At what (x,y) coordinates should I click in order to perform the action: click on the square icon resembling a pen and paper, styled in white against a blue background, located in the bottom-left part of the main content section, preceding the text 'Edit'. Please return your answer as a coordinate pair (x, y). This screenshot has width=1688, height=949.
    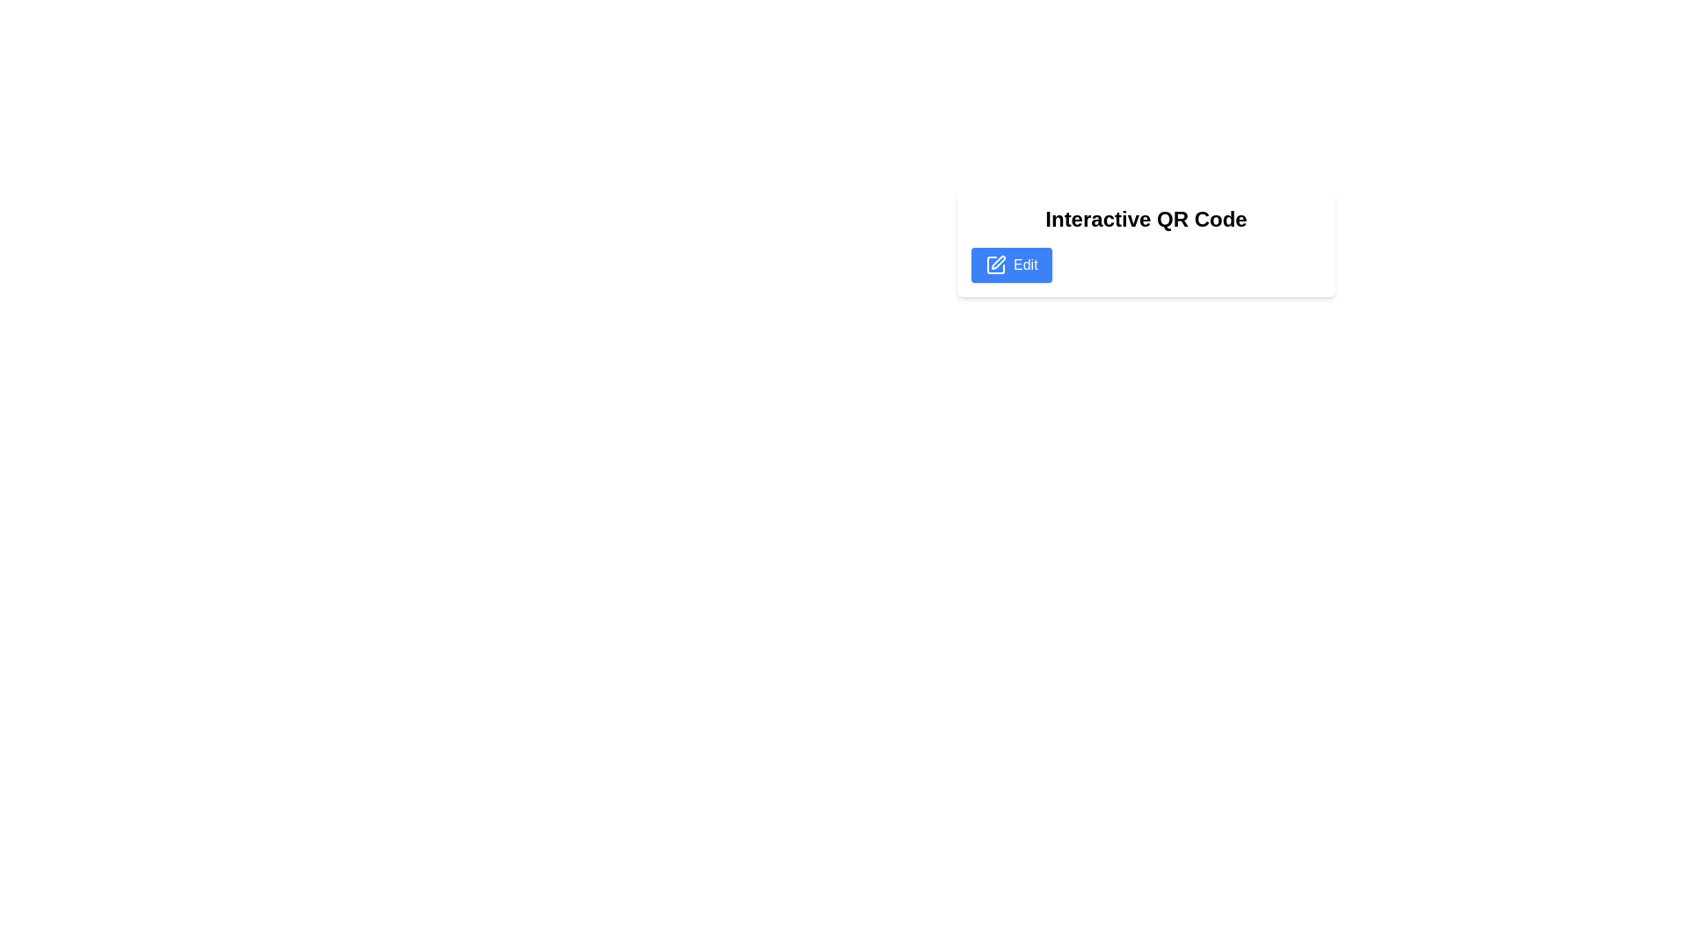
    Looking at the image, I should click on (995, 264).